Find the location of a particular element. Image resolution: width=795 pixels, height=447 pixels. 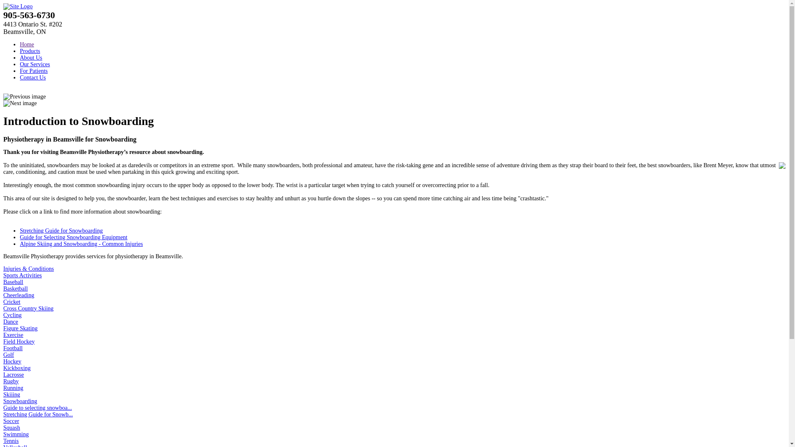

'Stretching Guide for Snowb...' is located at coordinates (37, 414).